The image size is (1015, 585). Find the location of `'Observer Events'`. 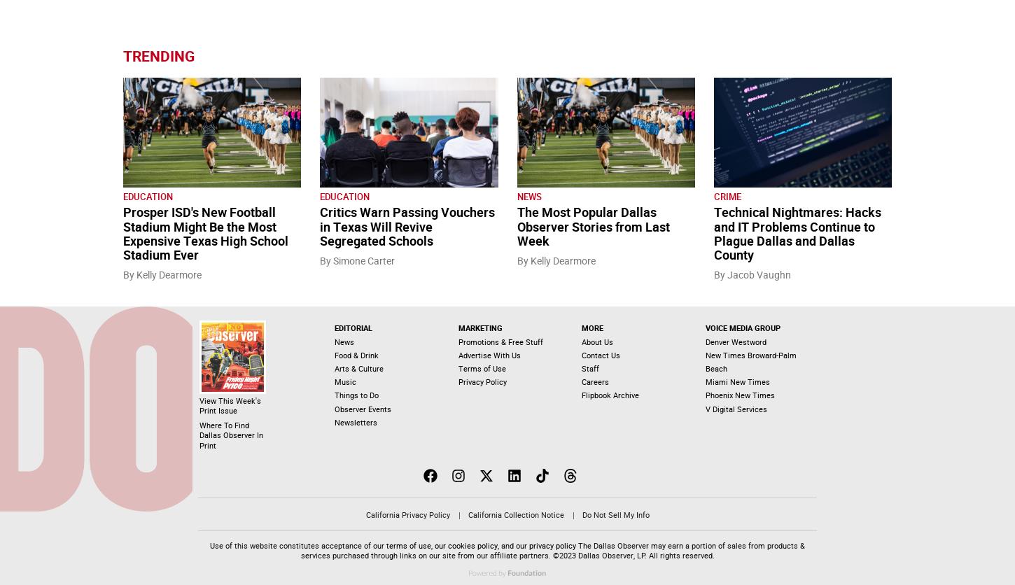

'Observer Events' is located at coordinates (362, 408).